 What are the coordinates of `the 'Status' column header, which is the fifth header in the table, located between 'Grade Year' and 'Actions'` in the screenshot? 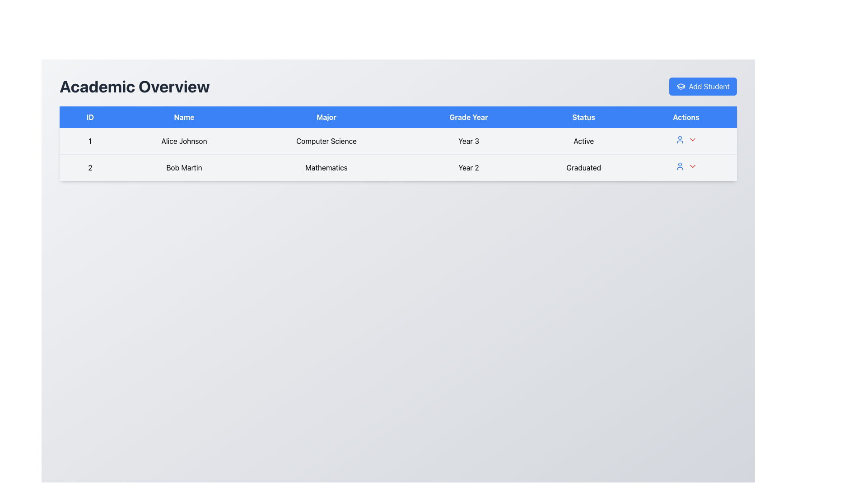 It's located at (583, 116).